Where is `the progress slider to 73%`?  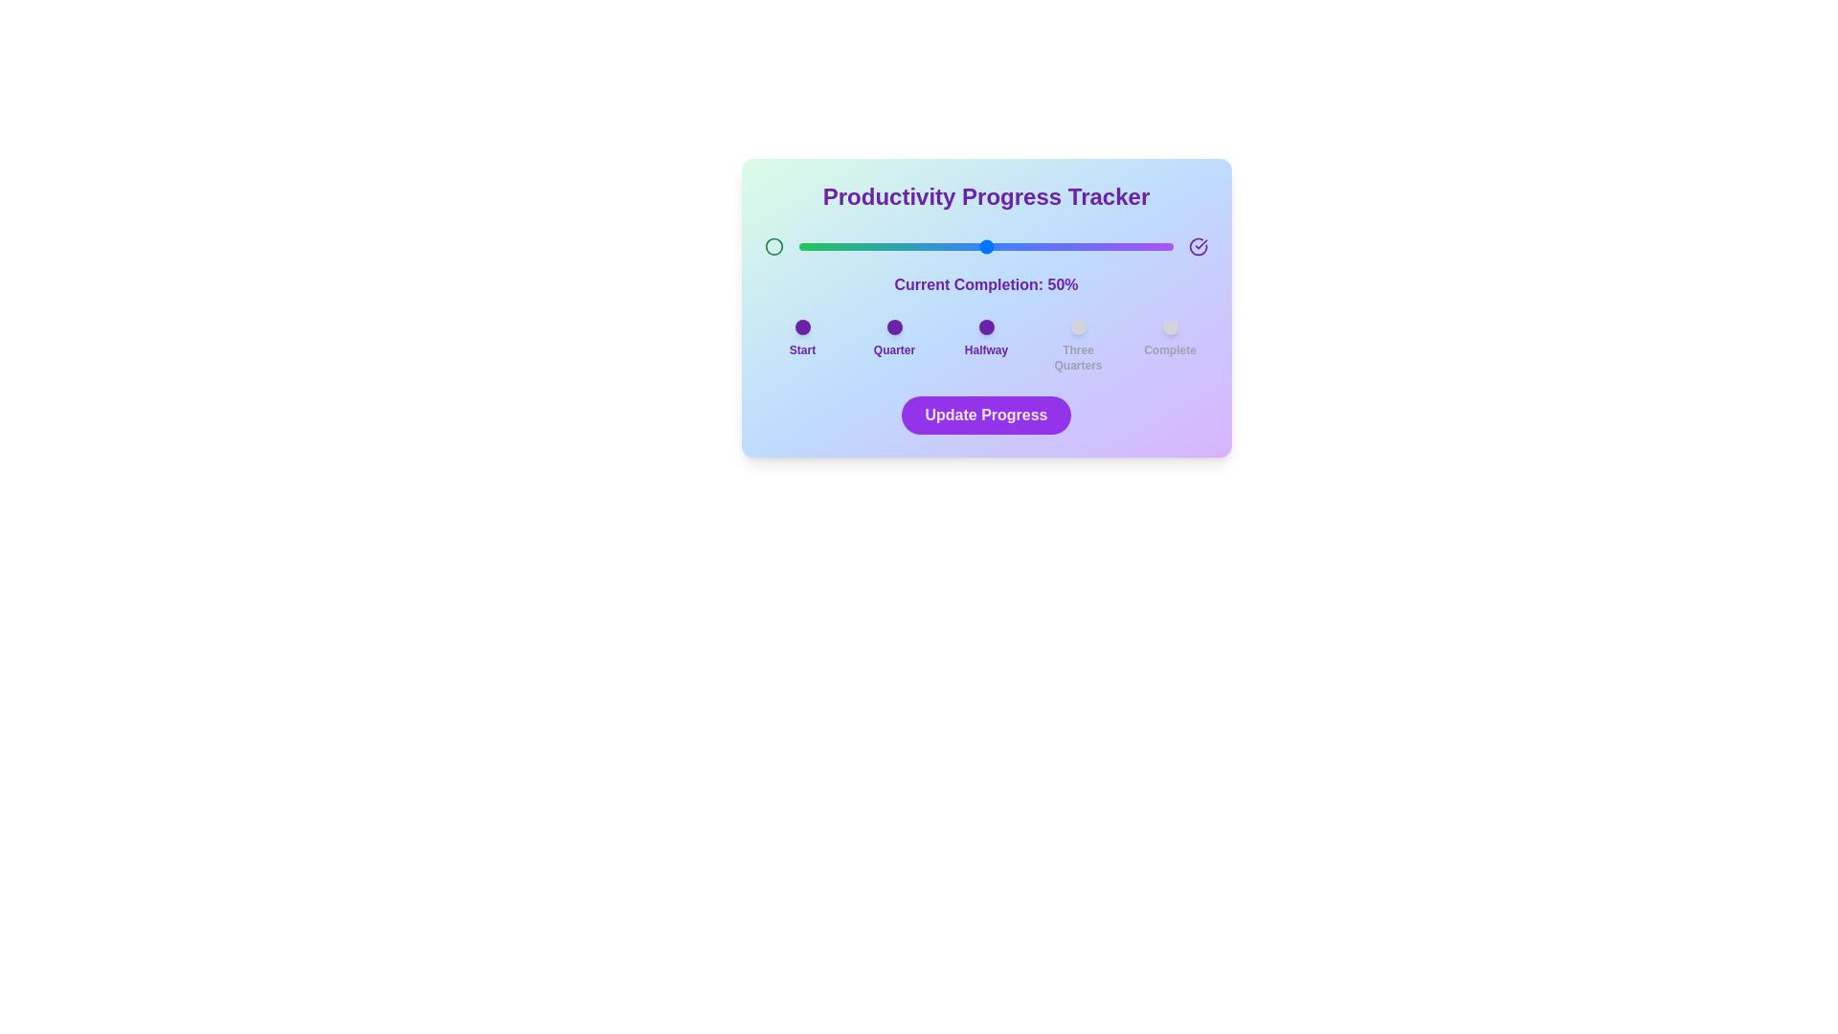 the progress slider to 73% is located at coordinates (1072, 246).